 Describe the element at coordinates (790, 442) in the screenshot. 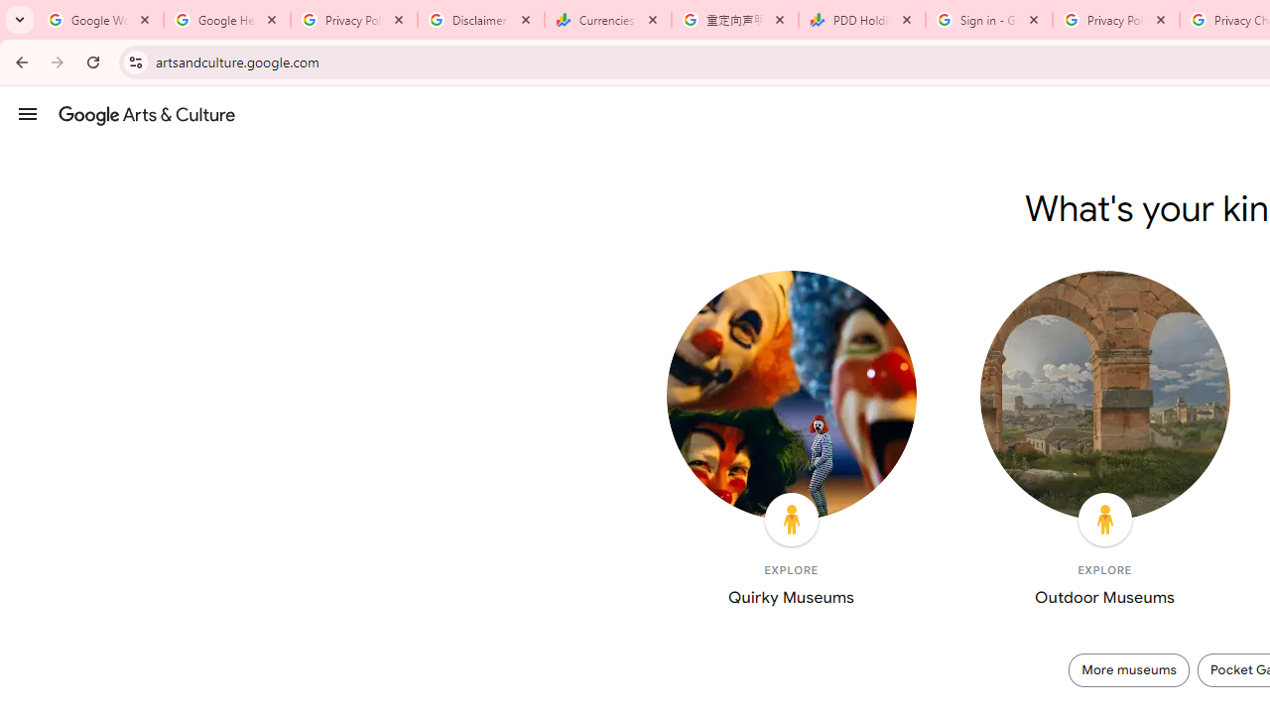

I see `'EXPLORE Quirky Museums'` at that location.